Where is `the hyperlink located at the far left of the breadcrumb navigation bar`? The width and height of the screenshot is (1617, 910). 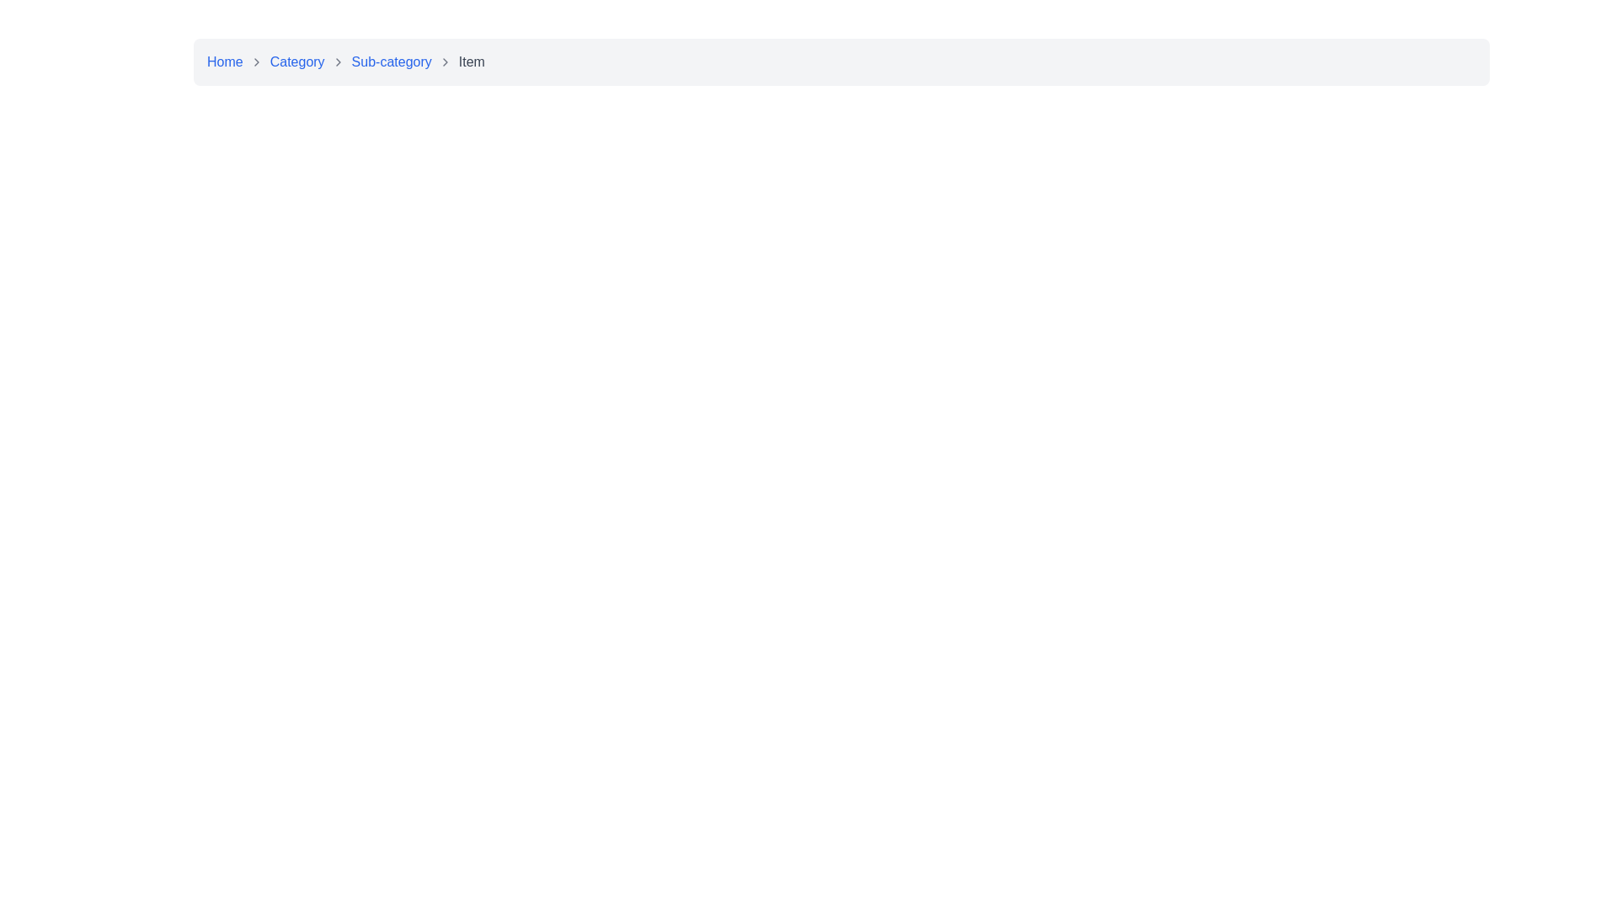 the hyperlink located at the far left of the breadcrumb navigation bar is located at coordinates (224, 61).